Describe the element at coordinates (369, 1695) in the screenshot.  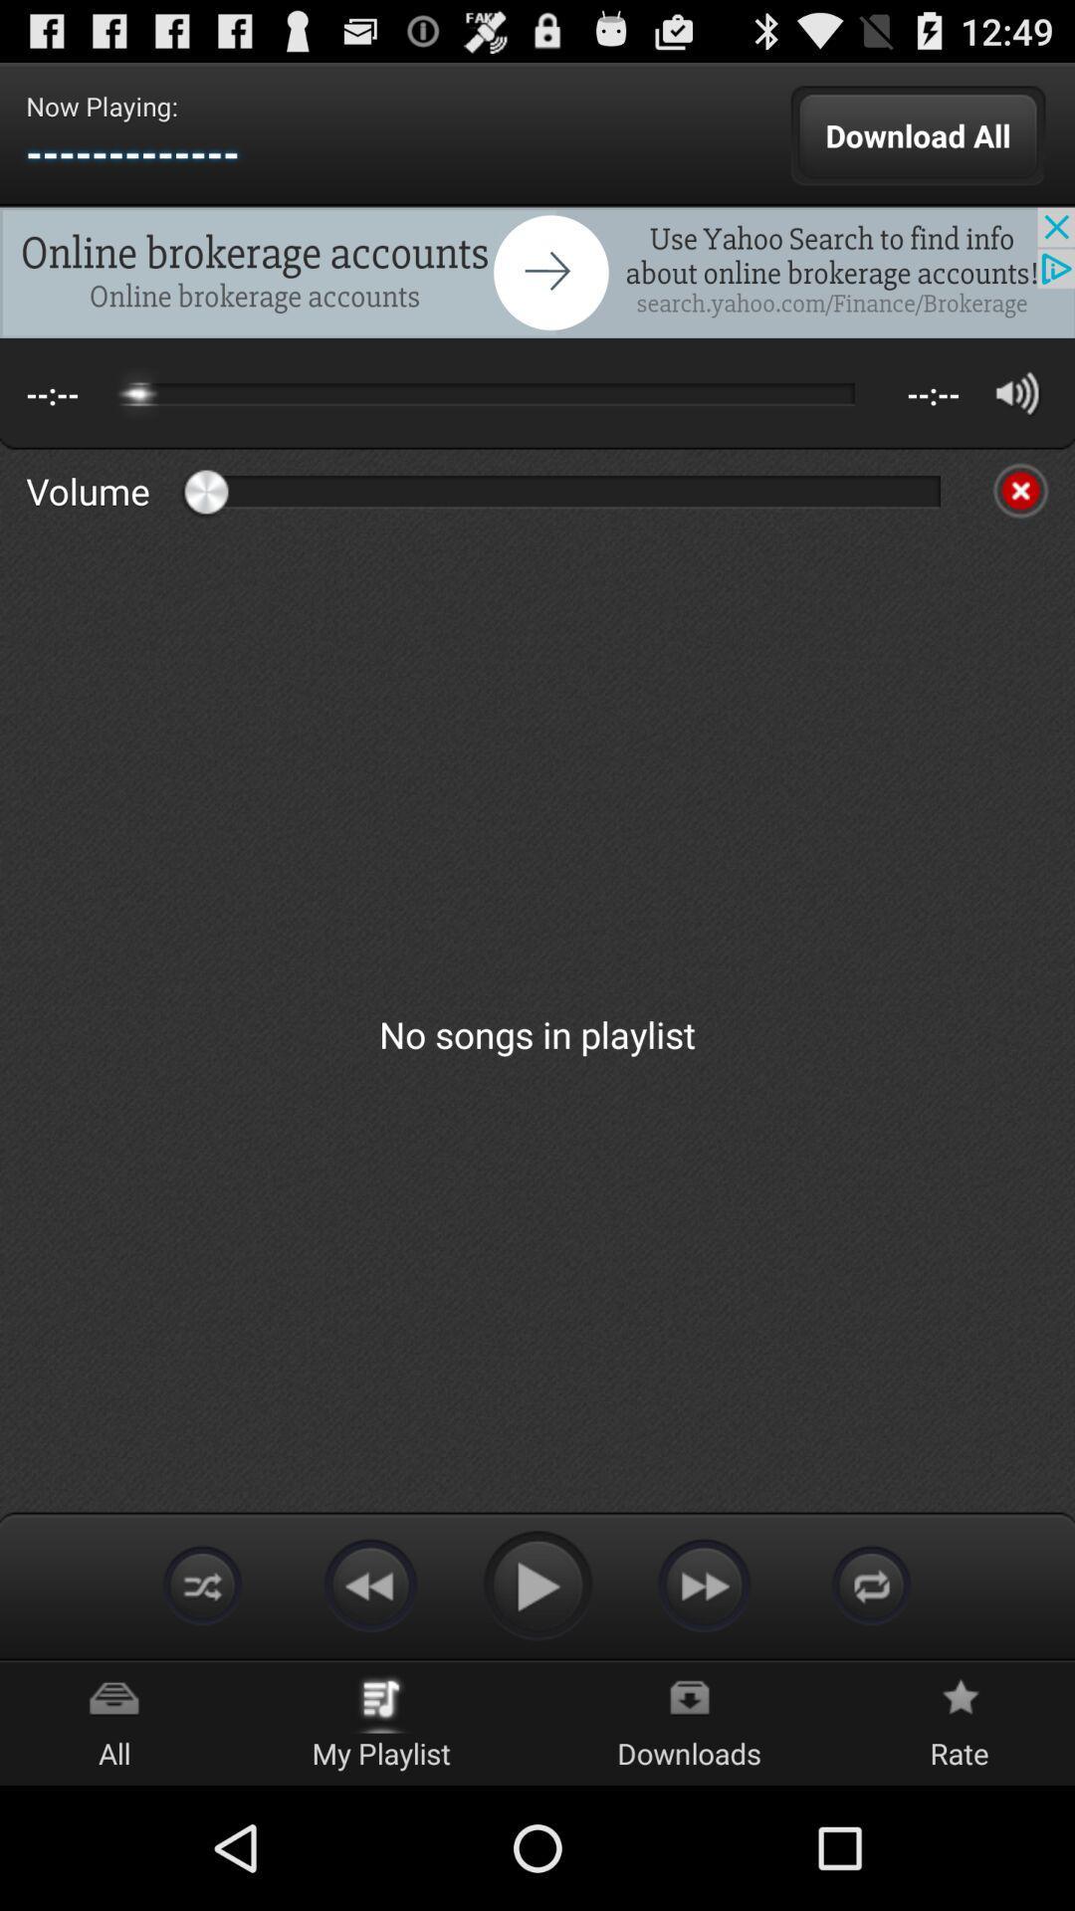
I see `the av_rewind icon` at that location.